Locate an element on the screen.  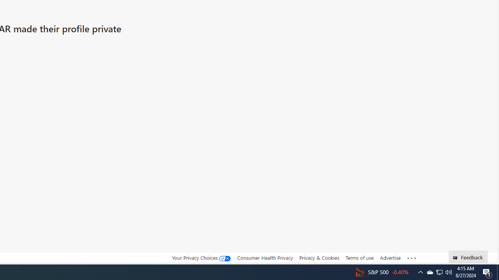
'Privacy & Cookies' is located at coordinates (319, 258).